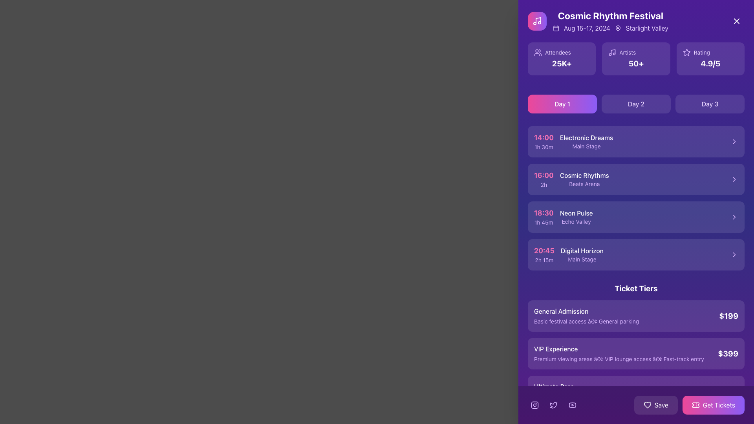  I want to click on the ticket icon located at the bottom-right corner of the 'Get Tickets' button, which visually enhances the button's purpose, so click(695, 405).